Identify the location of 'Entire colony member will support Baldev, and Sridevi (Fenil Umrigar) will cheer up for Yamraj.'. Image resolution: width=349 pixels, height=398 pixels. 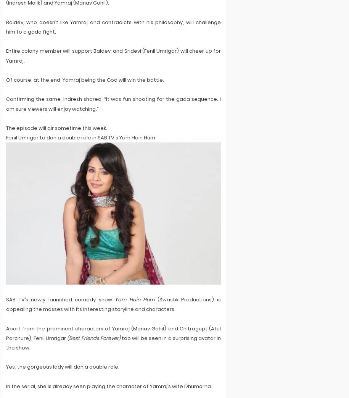
(113, 55).